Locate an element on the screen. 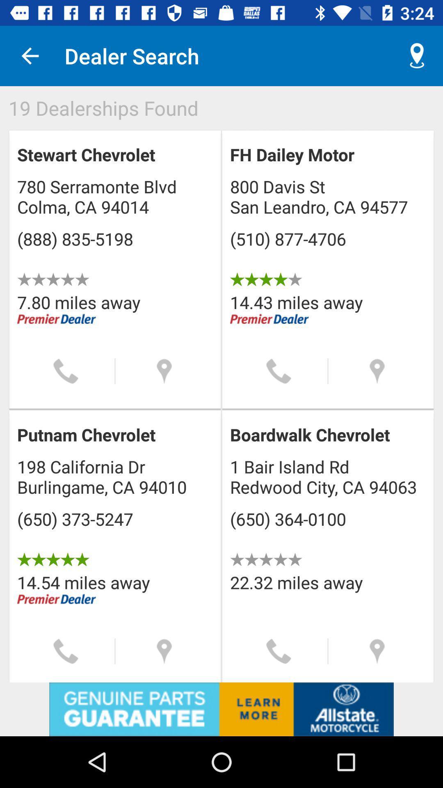  show the location on a map is located at coordinates (377, 651).